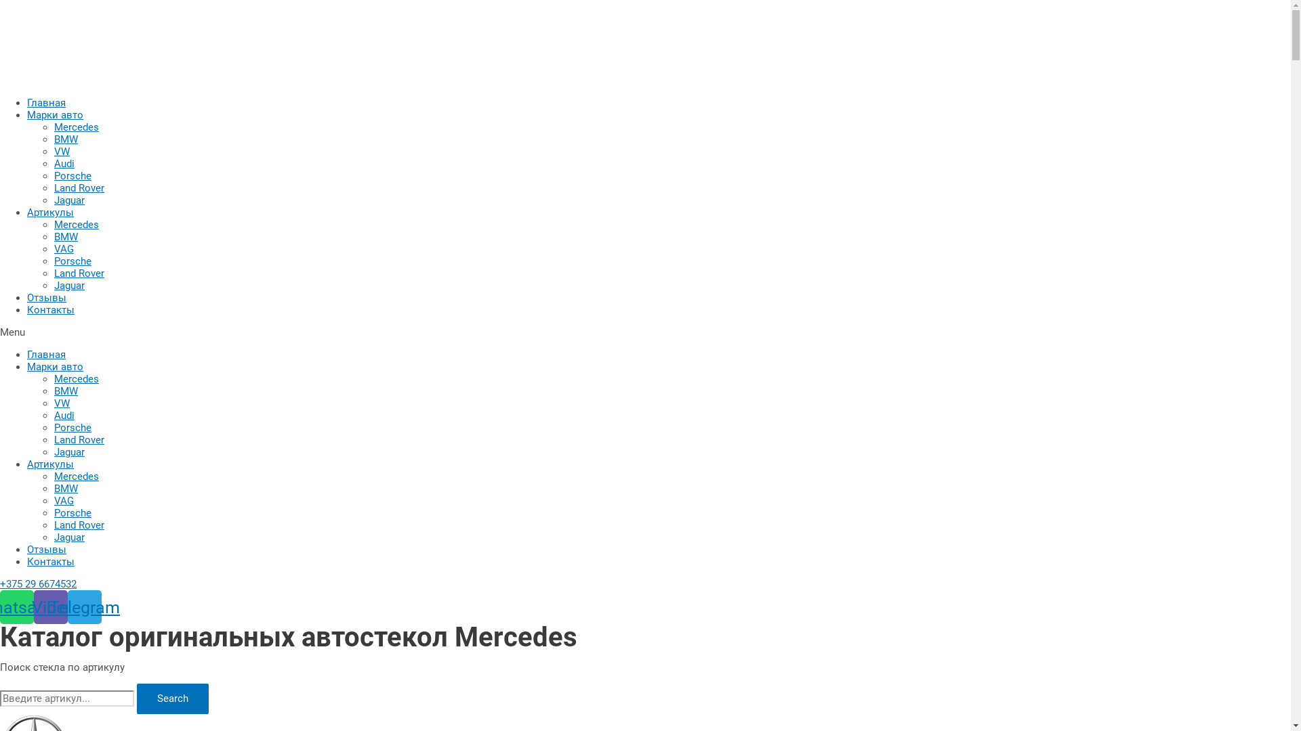  What do you see at coordinates (78, 524) in the screenshot?
I see `'Land Rover'` at bounding box center [78, 524].